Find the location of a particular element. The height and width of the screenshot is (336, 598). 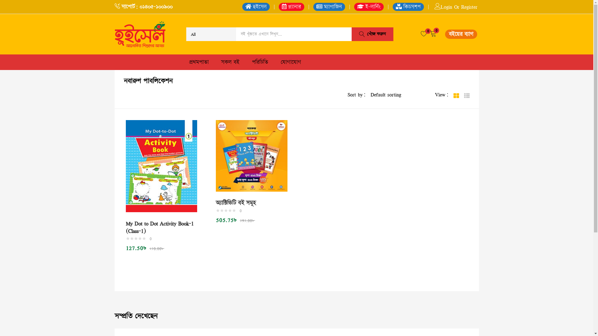

'Login Or Register' is located at coordinates (456, 7).